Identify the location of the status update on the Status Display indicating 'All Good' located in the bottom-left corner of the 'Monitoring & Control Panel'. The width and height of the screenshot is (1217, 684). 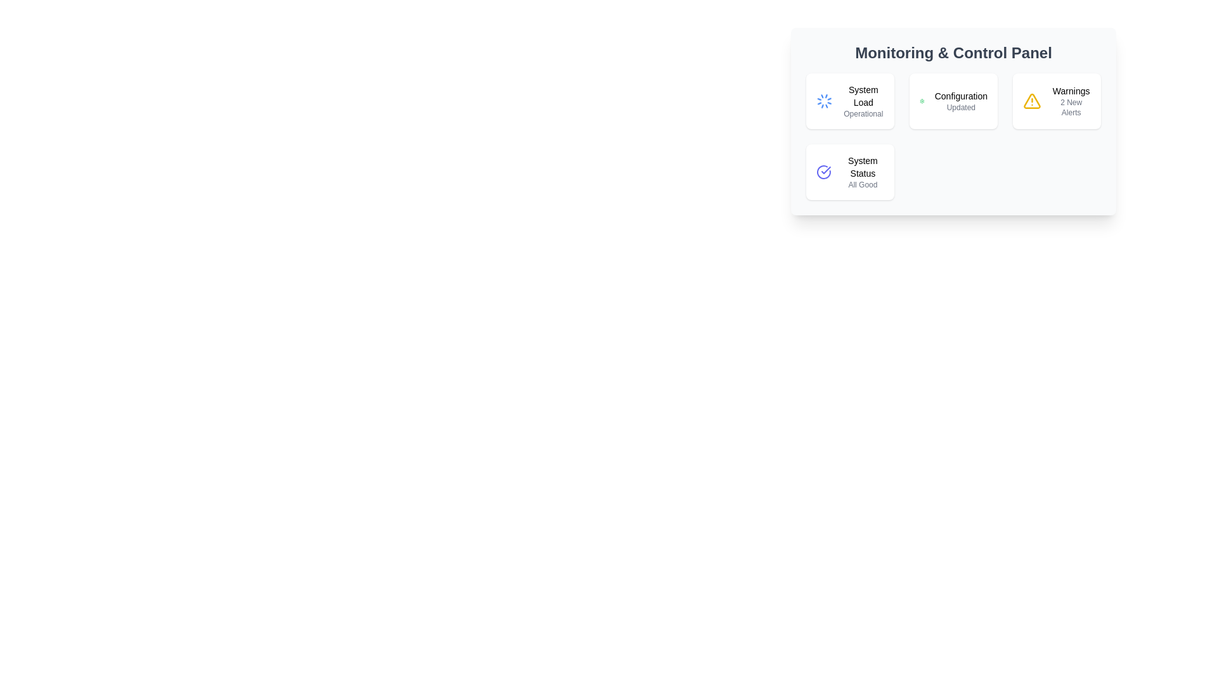
(862, 172).